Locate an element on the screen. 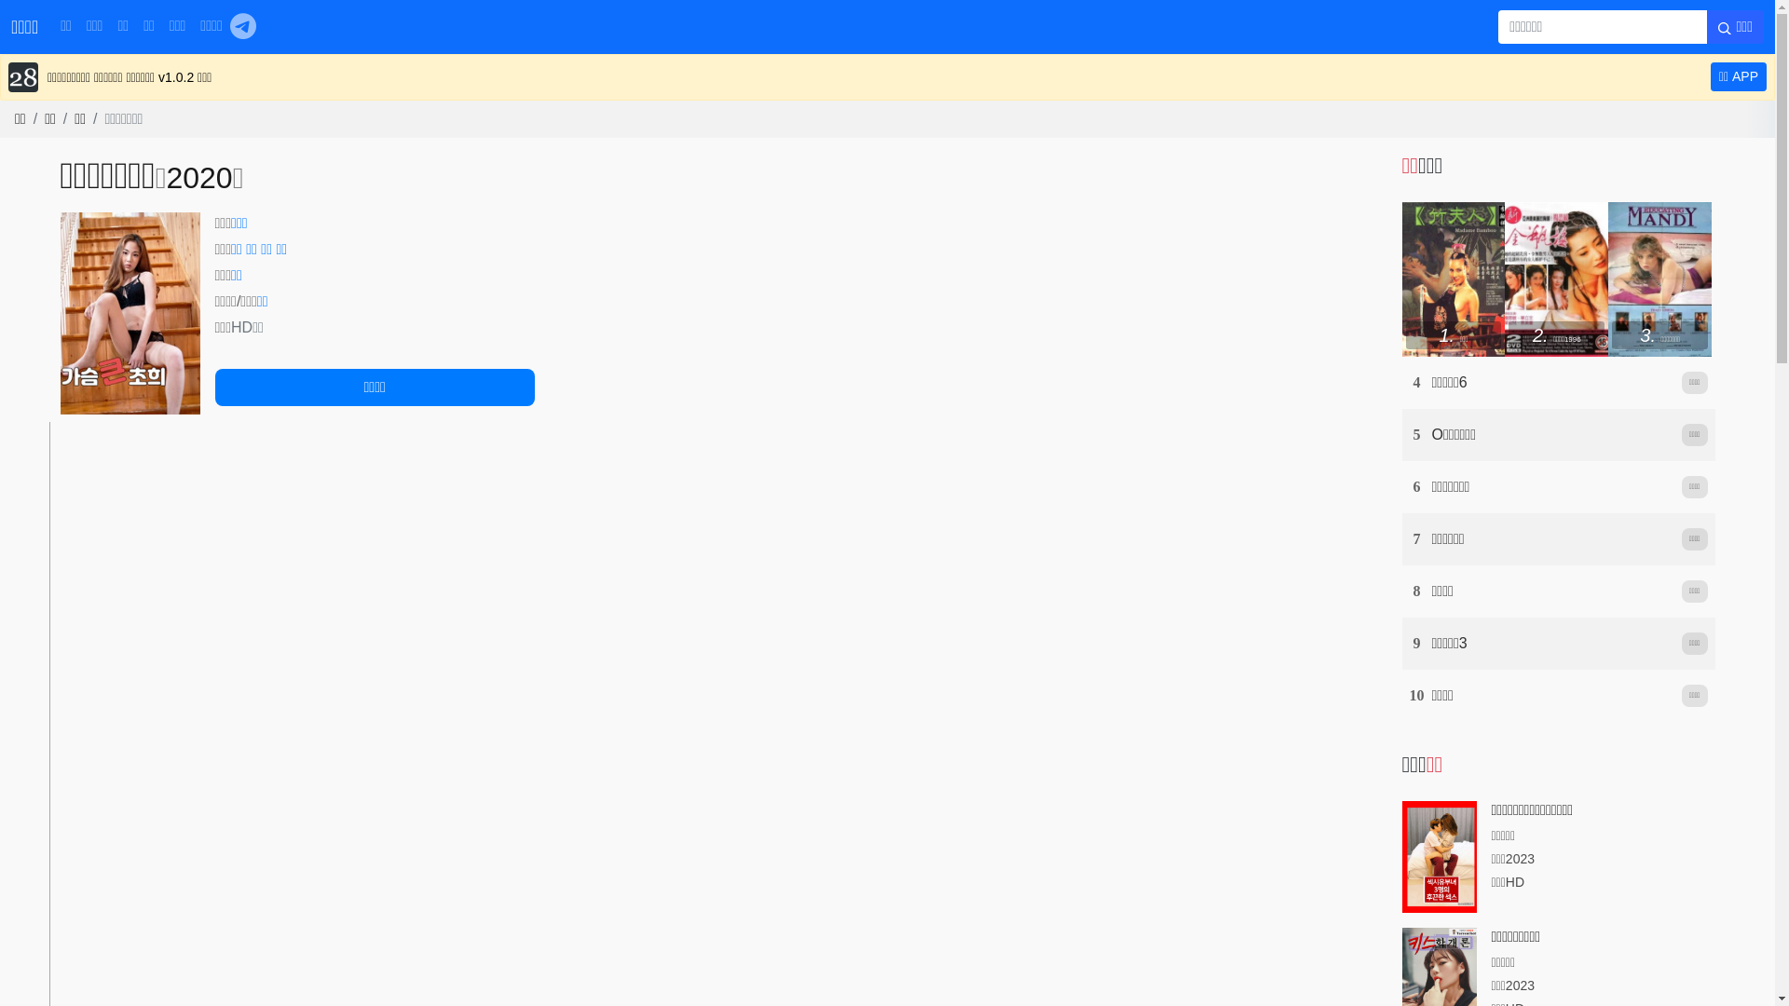 Image resolution: width=1789 pixels, height=1006 pixels. '2020' is located at coordinates (198, 178).